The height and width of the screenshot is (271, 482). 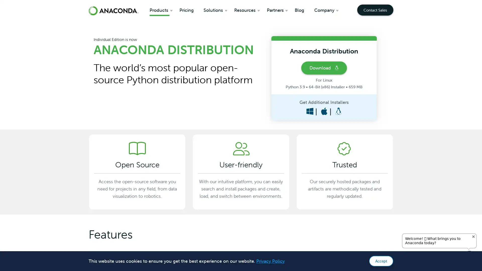 What do you see at coordinates (270, 260) in the screenshot?
I see `learn more about cookies` at bounding box center [270, 260].